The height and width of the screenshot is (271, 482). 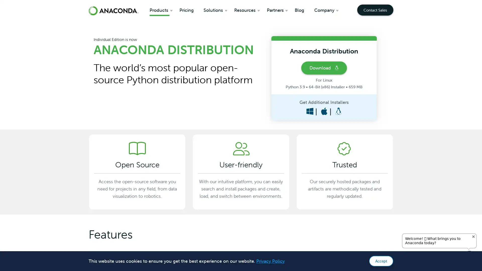 What do you see at coordinates (270, 260) in the screenshot?
I see `learn more about cookies` at bounding box center [270, 260].